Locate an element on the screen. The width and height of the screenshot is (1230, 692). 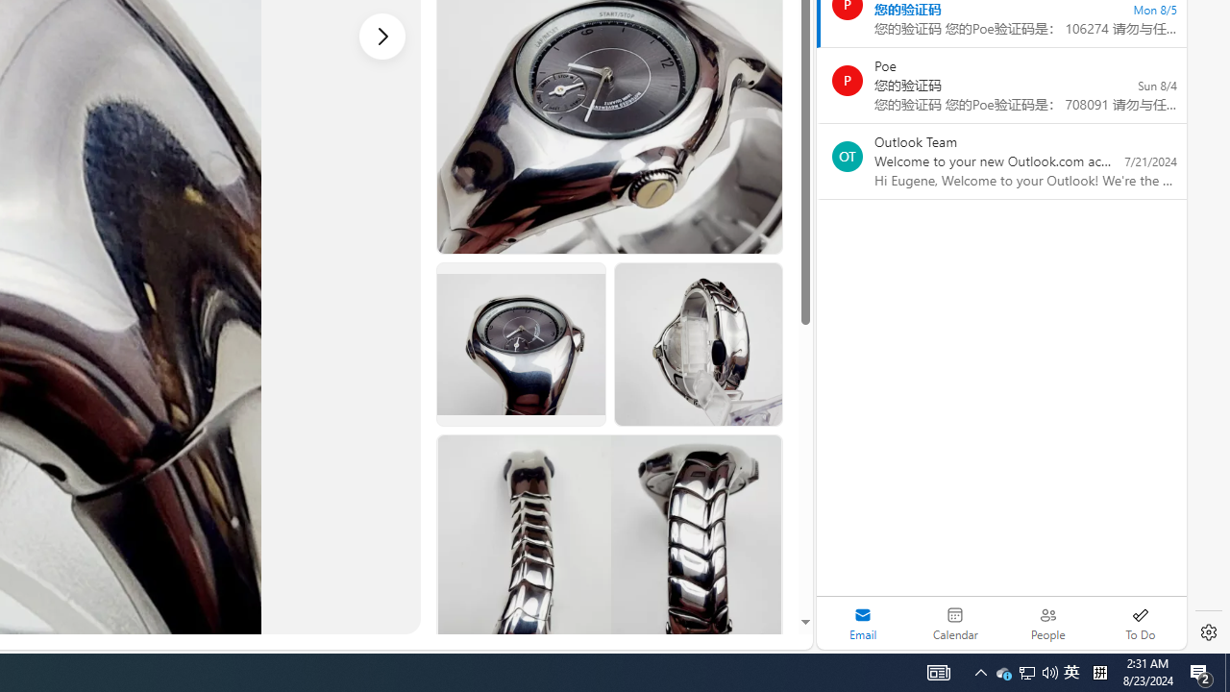
'To Do' is located at coordinates (1140, 623).